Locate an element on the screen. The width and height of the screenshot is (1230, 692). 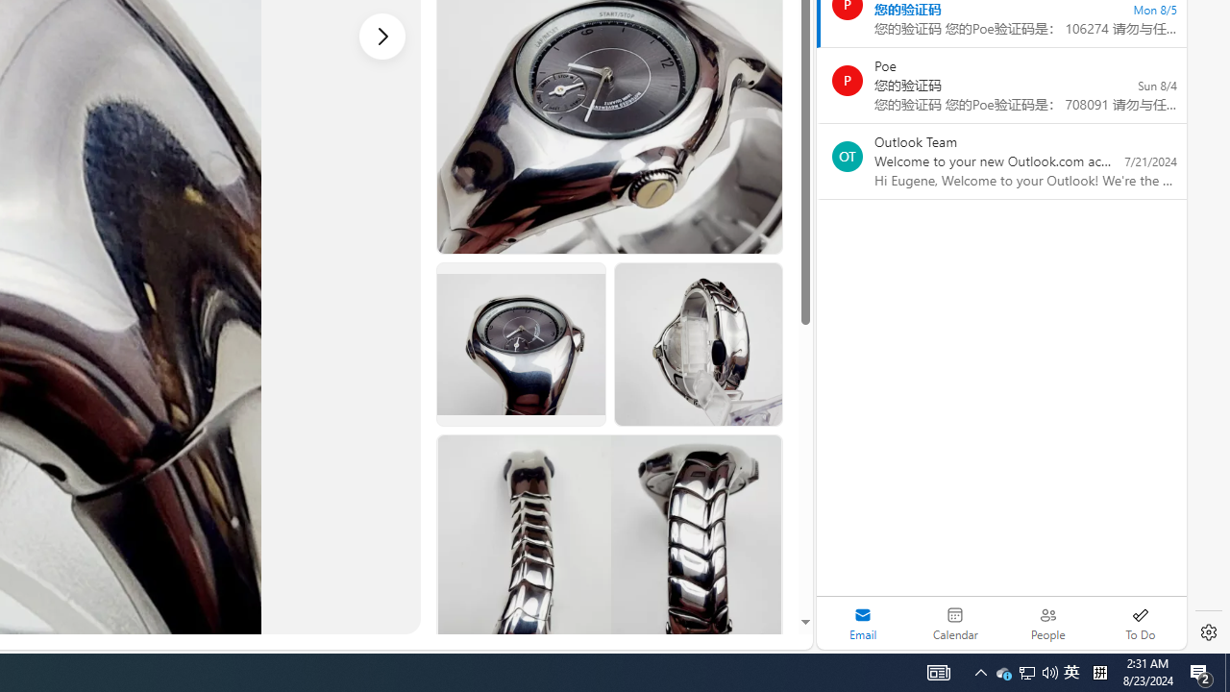
'To Do' is located at coordinates (1140, 623).